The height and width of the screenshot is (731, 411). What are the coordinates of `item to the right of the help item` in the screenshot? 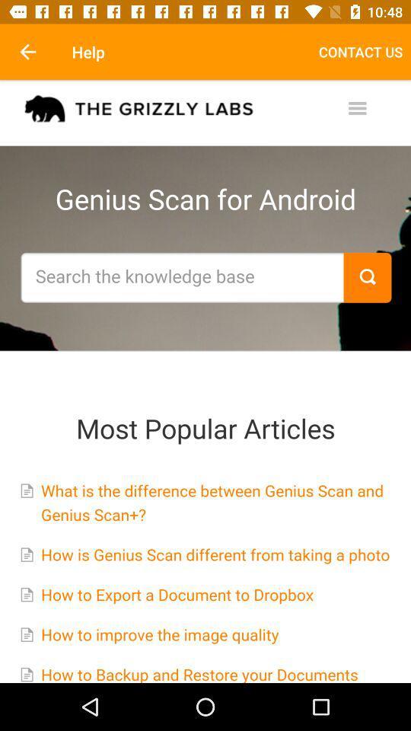 It's located at (360, 52).